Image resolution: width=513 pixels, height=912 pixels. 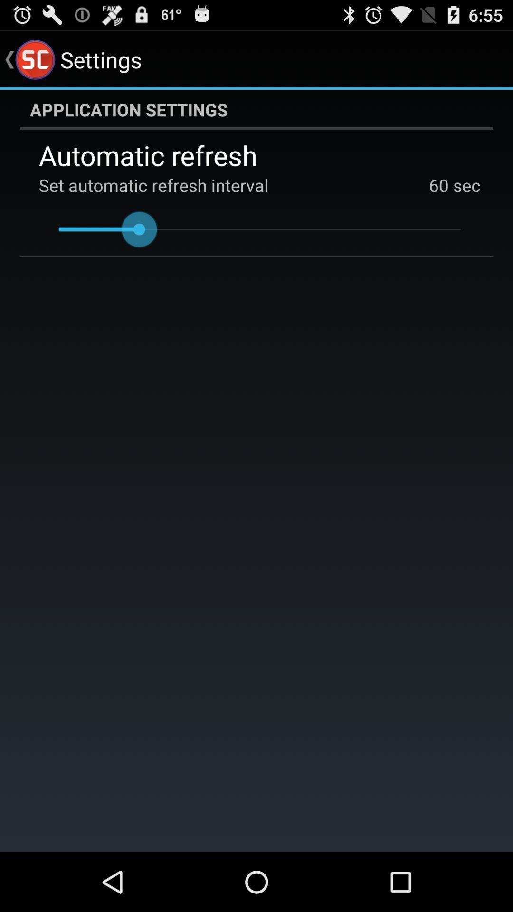 What do you see at coordinates (464, 185) in the screenshot?
I see `the  sec` at bounding box center [464, 185].